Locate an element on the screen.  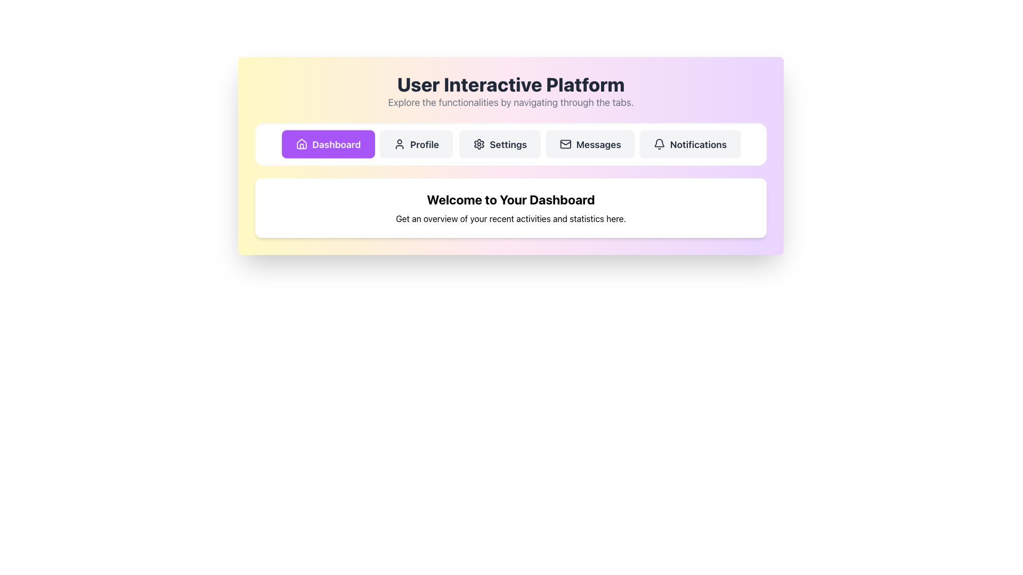
the settings icon is located at coordinates (478, 144).